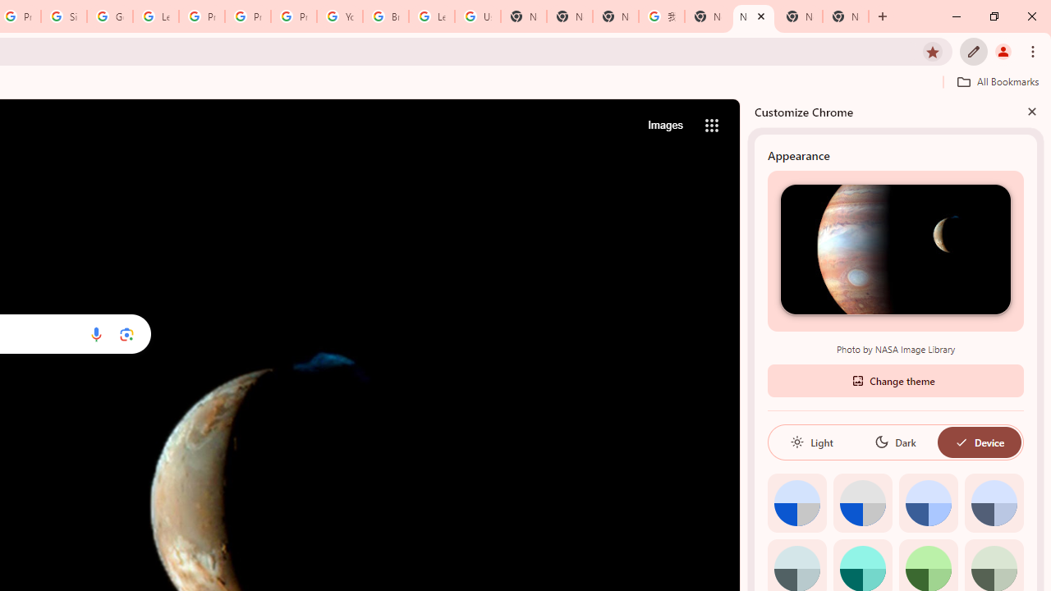 The height and width of the screenshot is (591, 1051). I want to click on 'Browse Chrome as a guest - Computer - Google Chrome Help', so click(384, 16).